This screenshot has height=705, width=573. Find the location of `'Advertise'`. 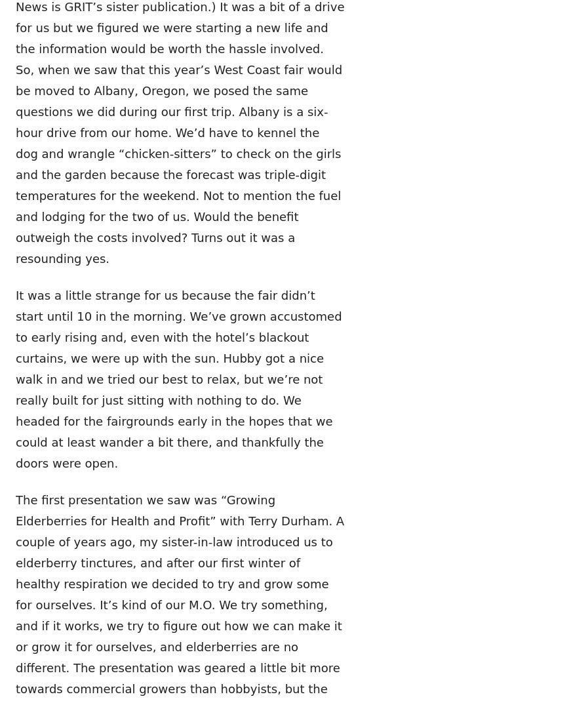

'Advertise' is located at coordinates (264, 589).